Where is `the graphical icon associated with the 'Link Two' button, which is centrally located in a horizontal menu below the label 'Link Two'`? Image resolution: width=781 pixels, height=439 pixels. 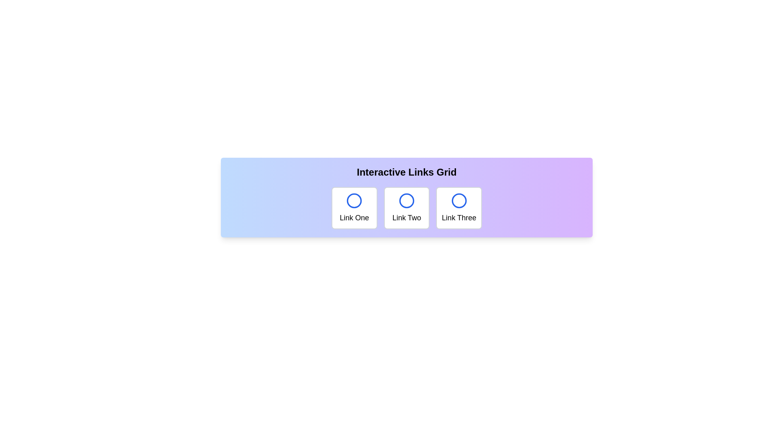
the graphical icon associated with the 'Link Two' button, which is centrally located in a horizontal menu below the label 'Link Two' is located at coordinates (406, 200).